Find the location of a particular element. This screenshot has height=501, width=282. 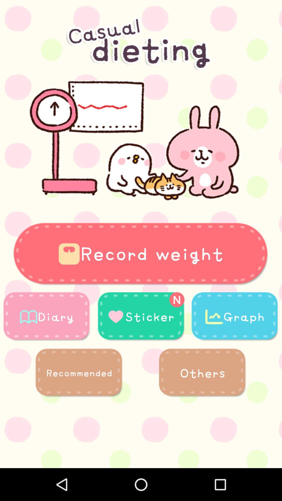

the more icon is located at coordinates (202, 399).